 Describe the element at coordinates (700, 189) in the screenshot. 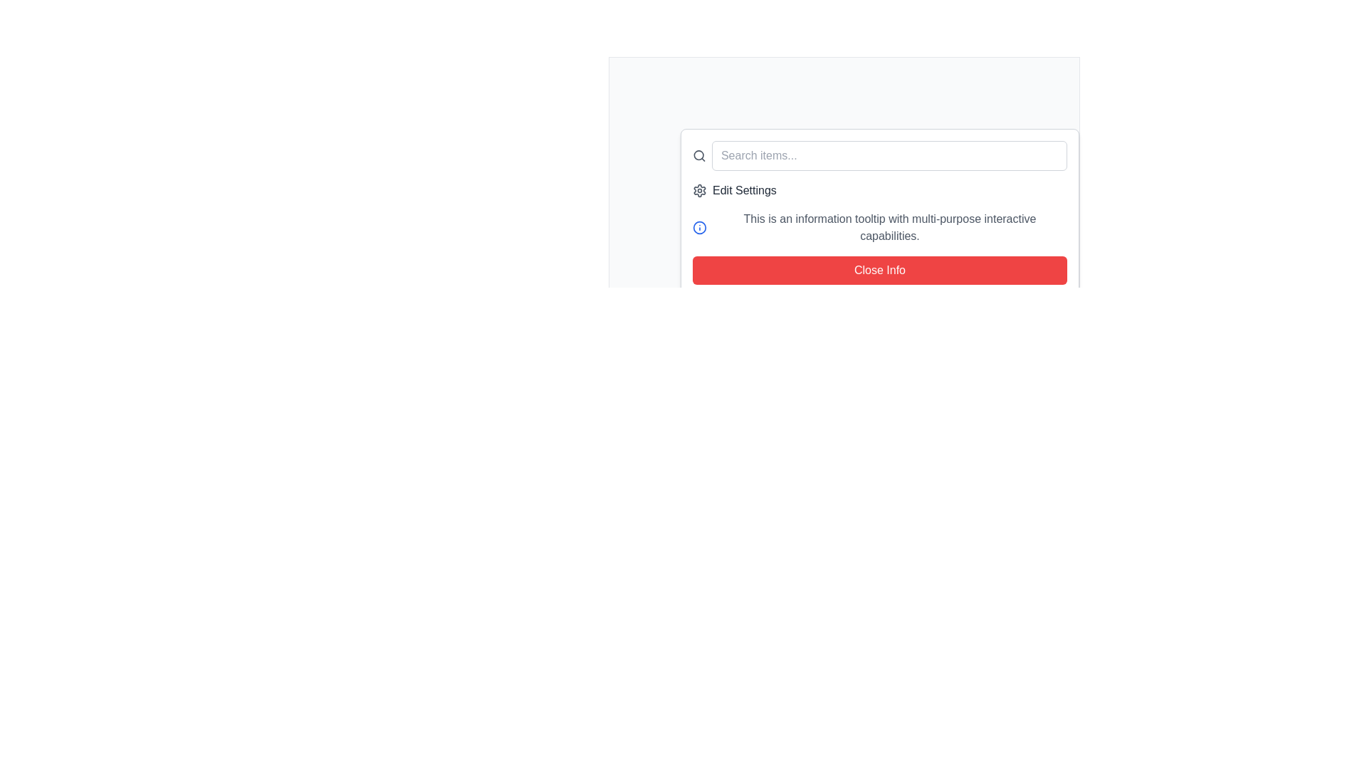

I see `the settings icon located to the left of the 'Edit Settings' label` at that location.